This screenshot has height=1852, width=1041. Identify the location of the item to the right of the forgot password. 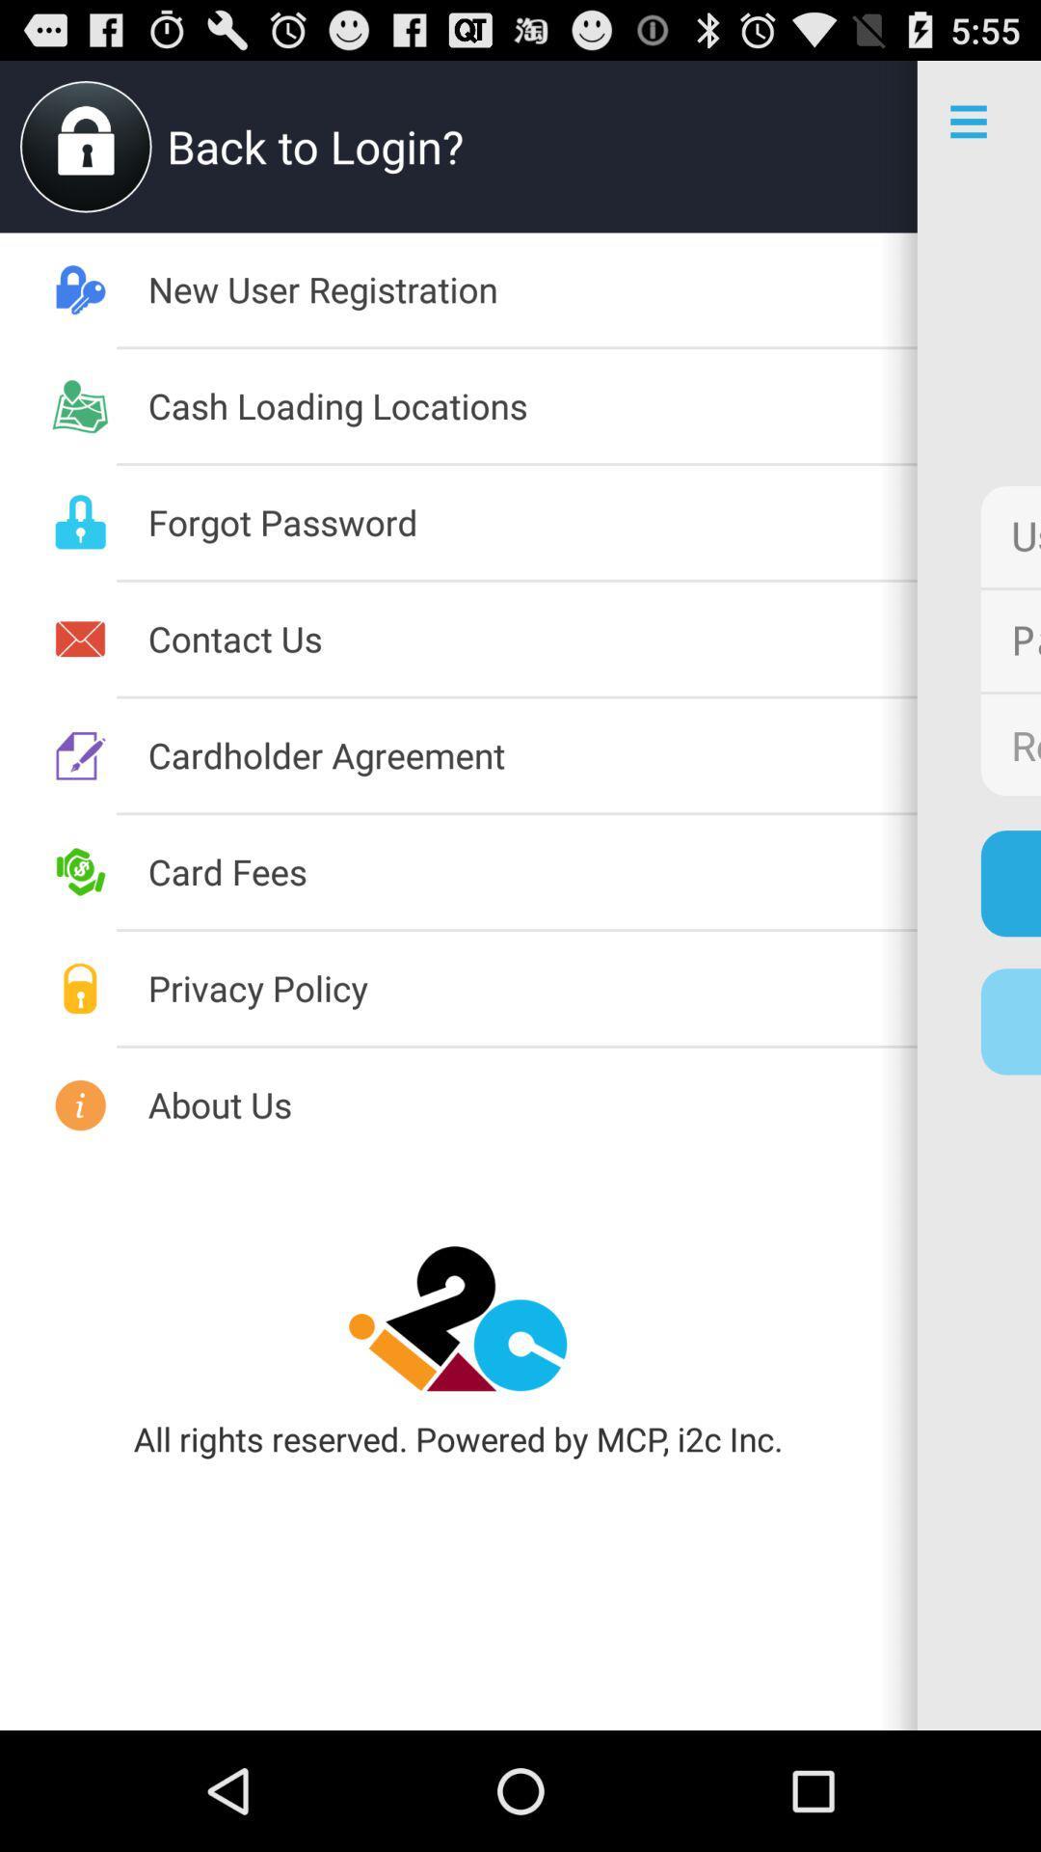
(1009, 536).